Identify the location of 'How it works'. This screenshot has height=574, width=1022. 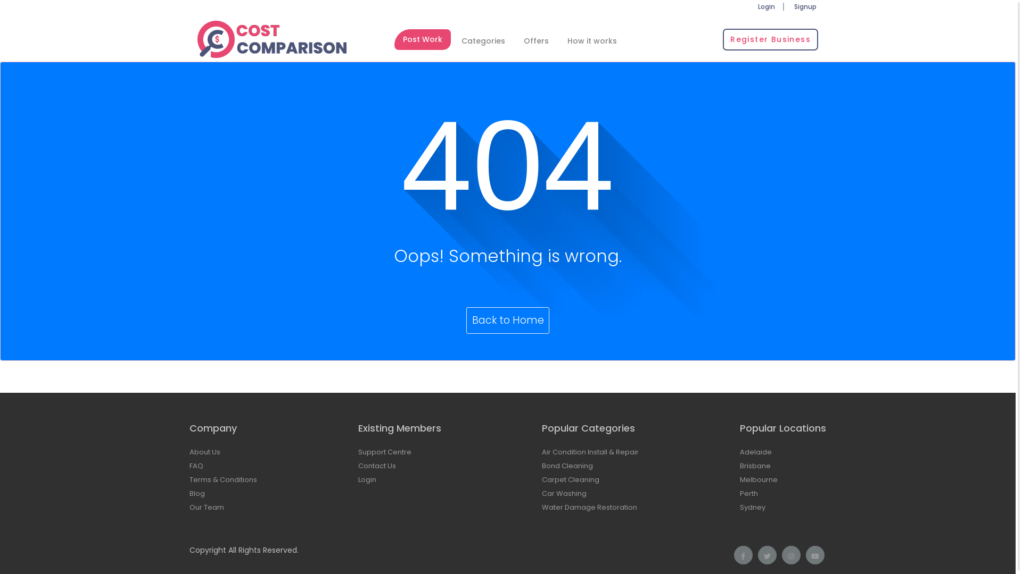
(591, 40).